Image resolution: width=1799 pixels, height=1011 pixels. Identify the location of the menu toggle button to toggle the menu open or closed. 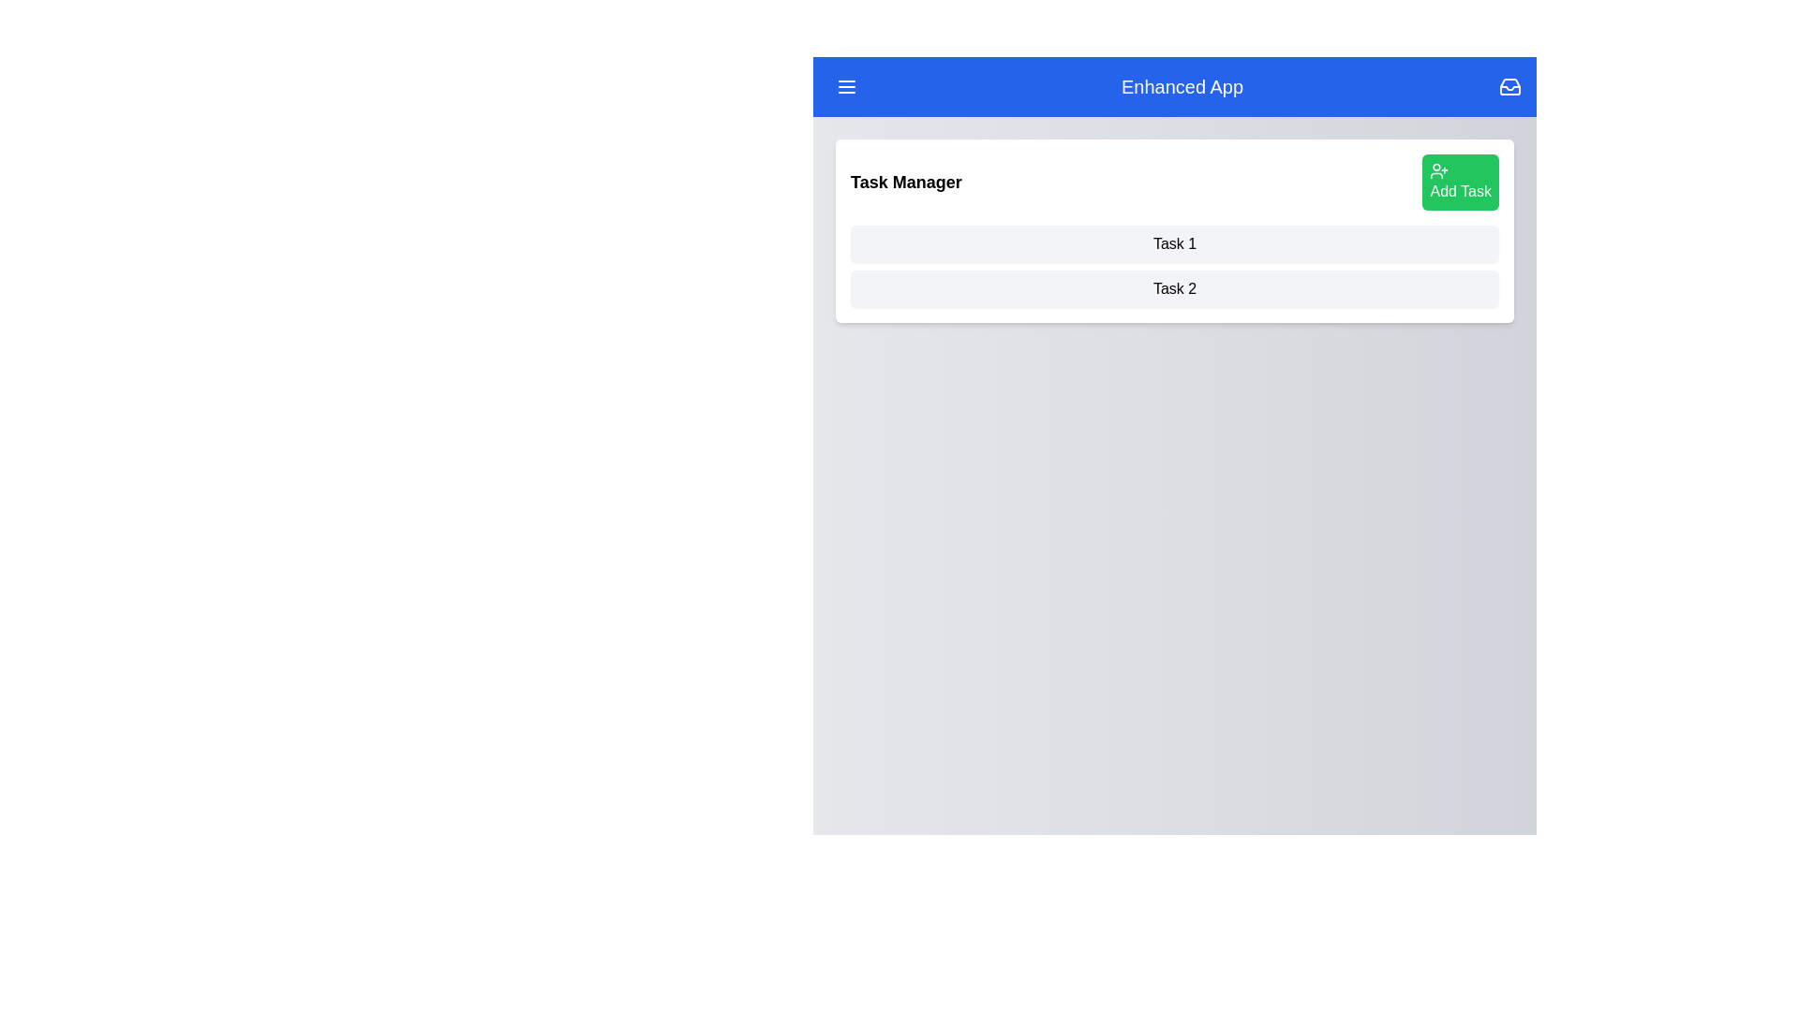
(845, 86).